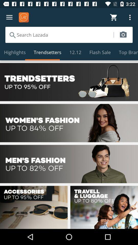  Describe the element at coordinates (123, 34) in the screenshot. I see `open native camera` at that location.